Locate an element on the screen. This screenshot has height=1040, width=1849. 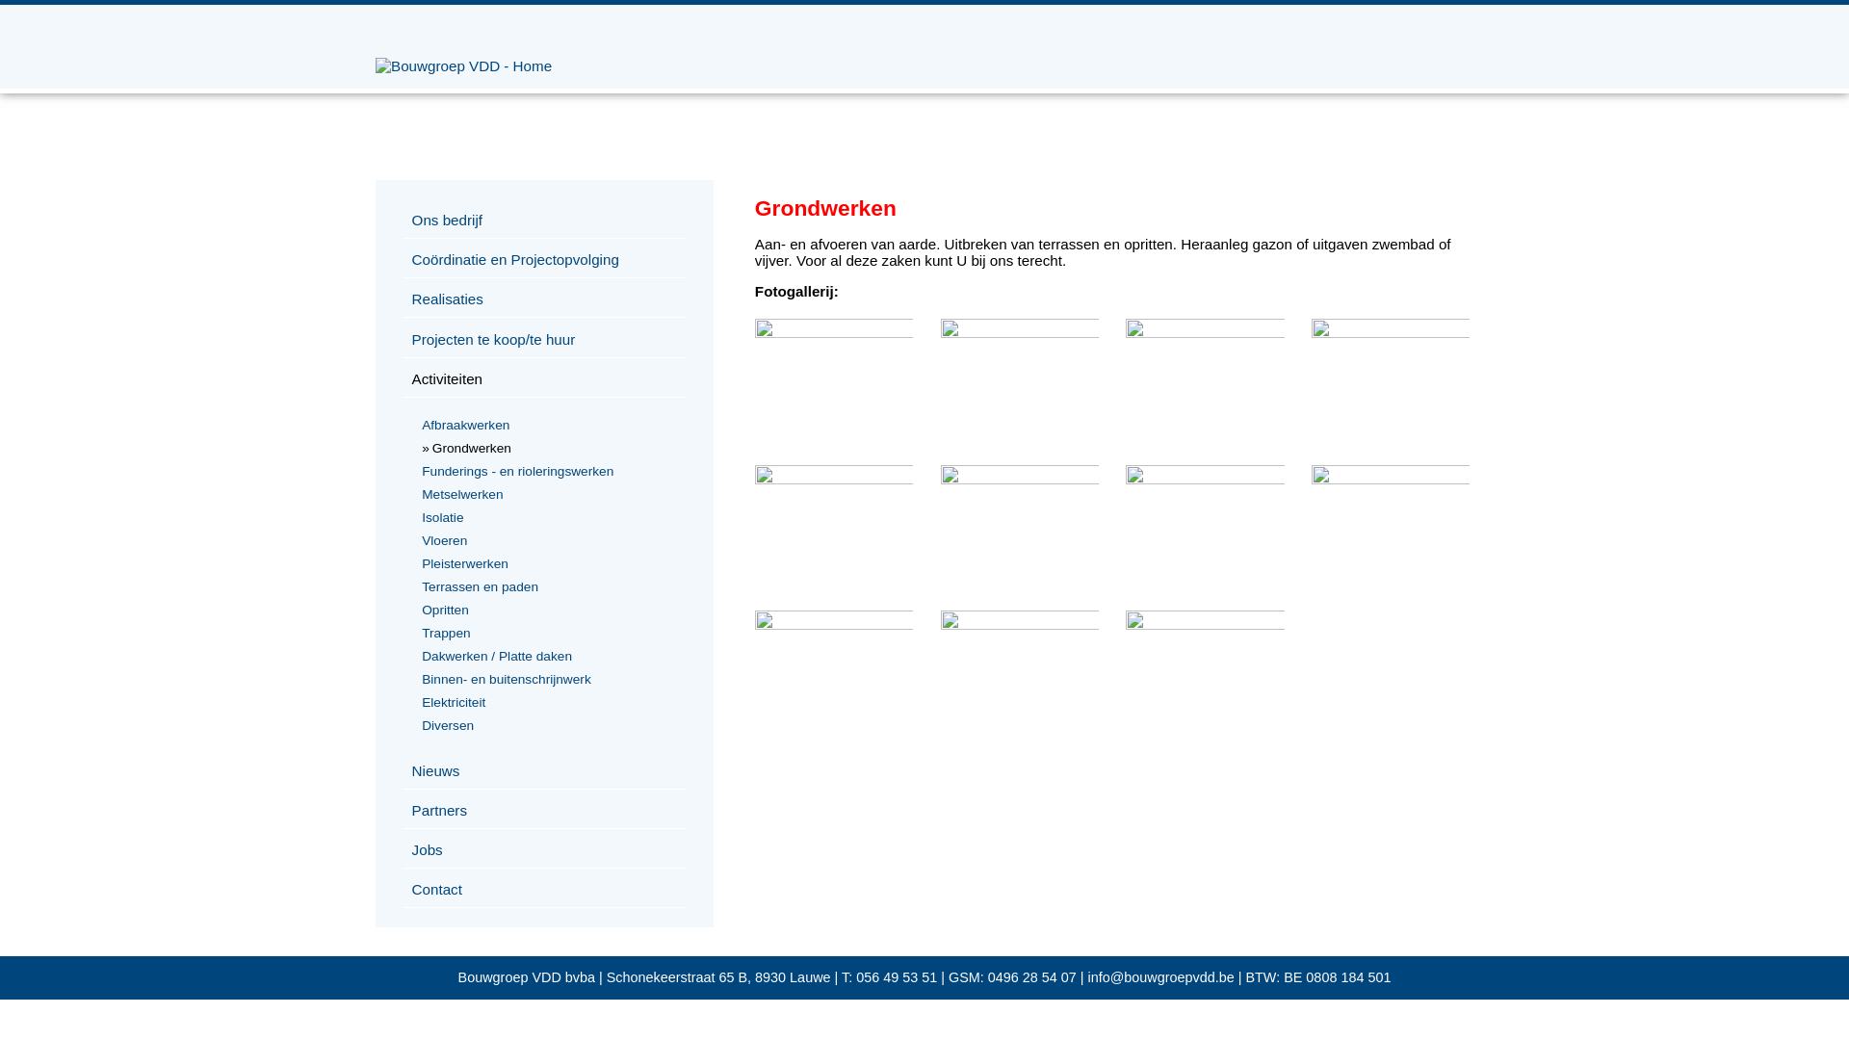
'Grondwerken' is located at coordinates (548, 448).